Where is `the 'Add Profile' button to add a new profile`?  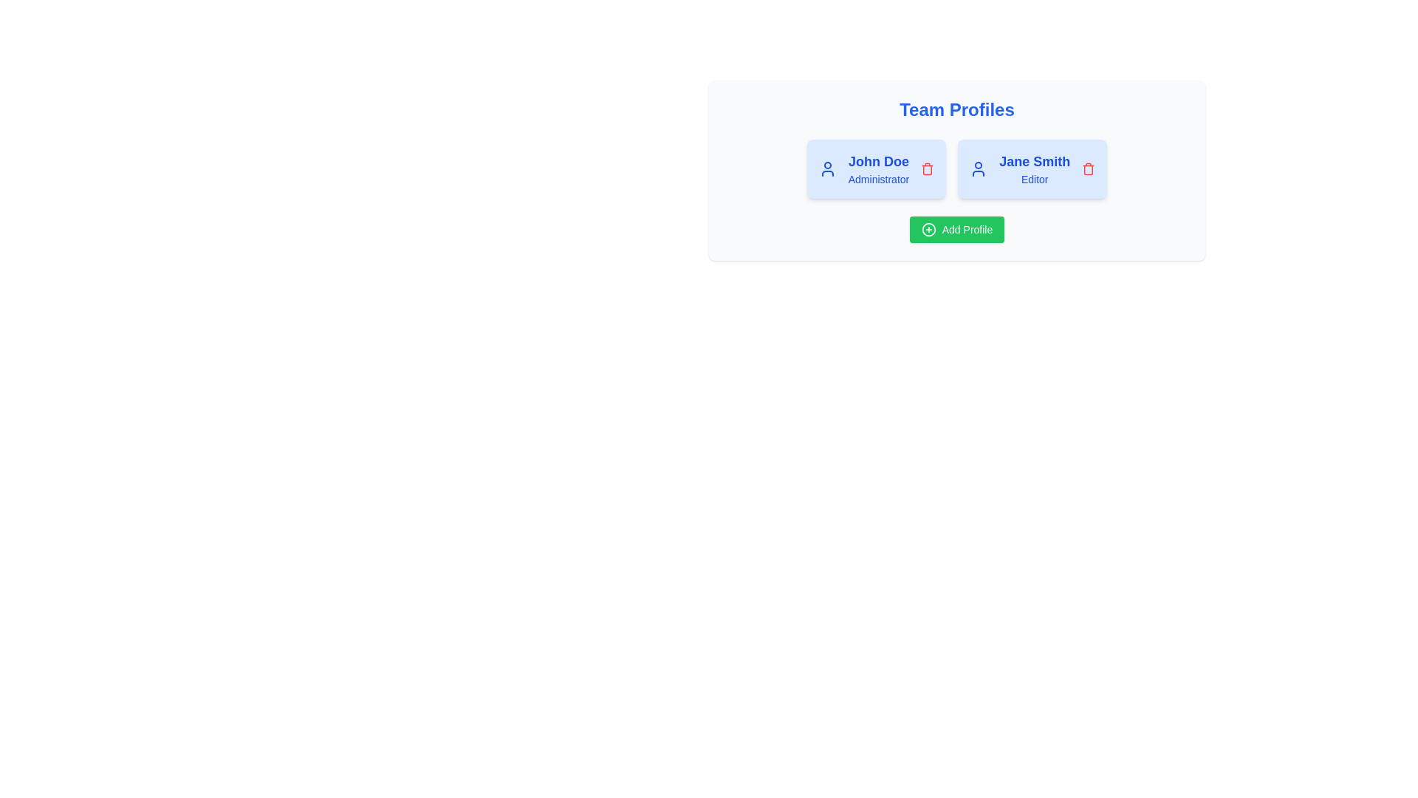 the 'Add Profile' button to add a new profile is located at coordinates (957, 230).